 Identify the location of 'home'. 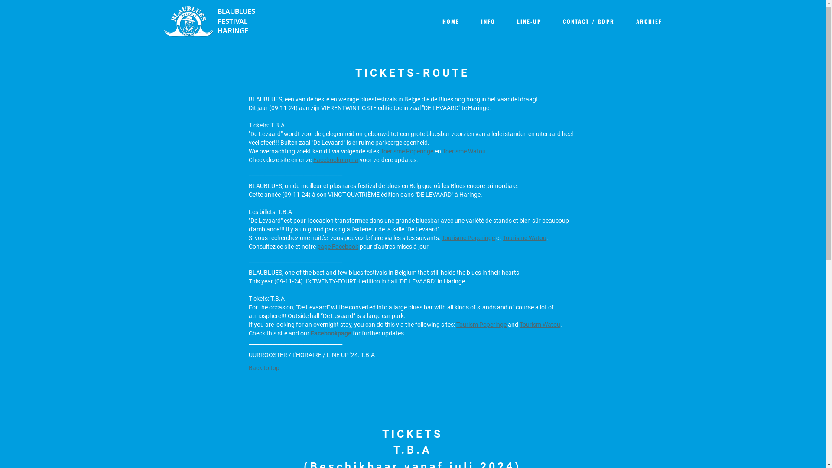
(188, 20).